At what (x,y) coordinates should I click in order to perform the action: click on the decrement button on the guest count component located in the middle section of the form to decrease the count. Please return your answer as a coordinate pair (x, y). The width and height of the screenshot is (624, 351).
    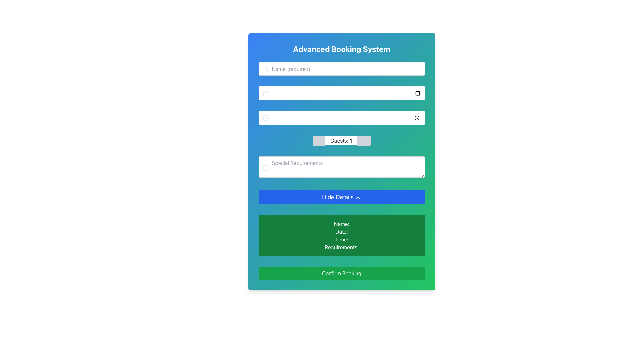
    Looking at the image, I should click on (341, 140).